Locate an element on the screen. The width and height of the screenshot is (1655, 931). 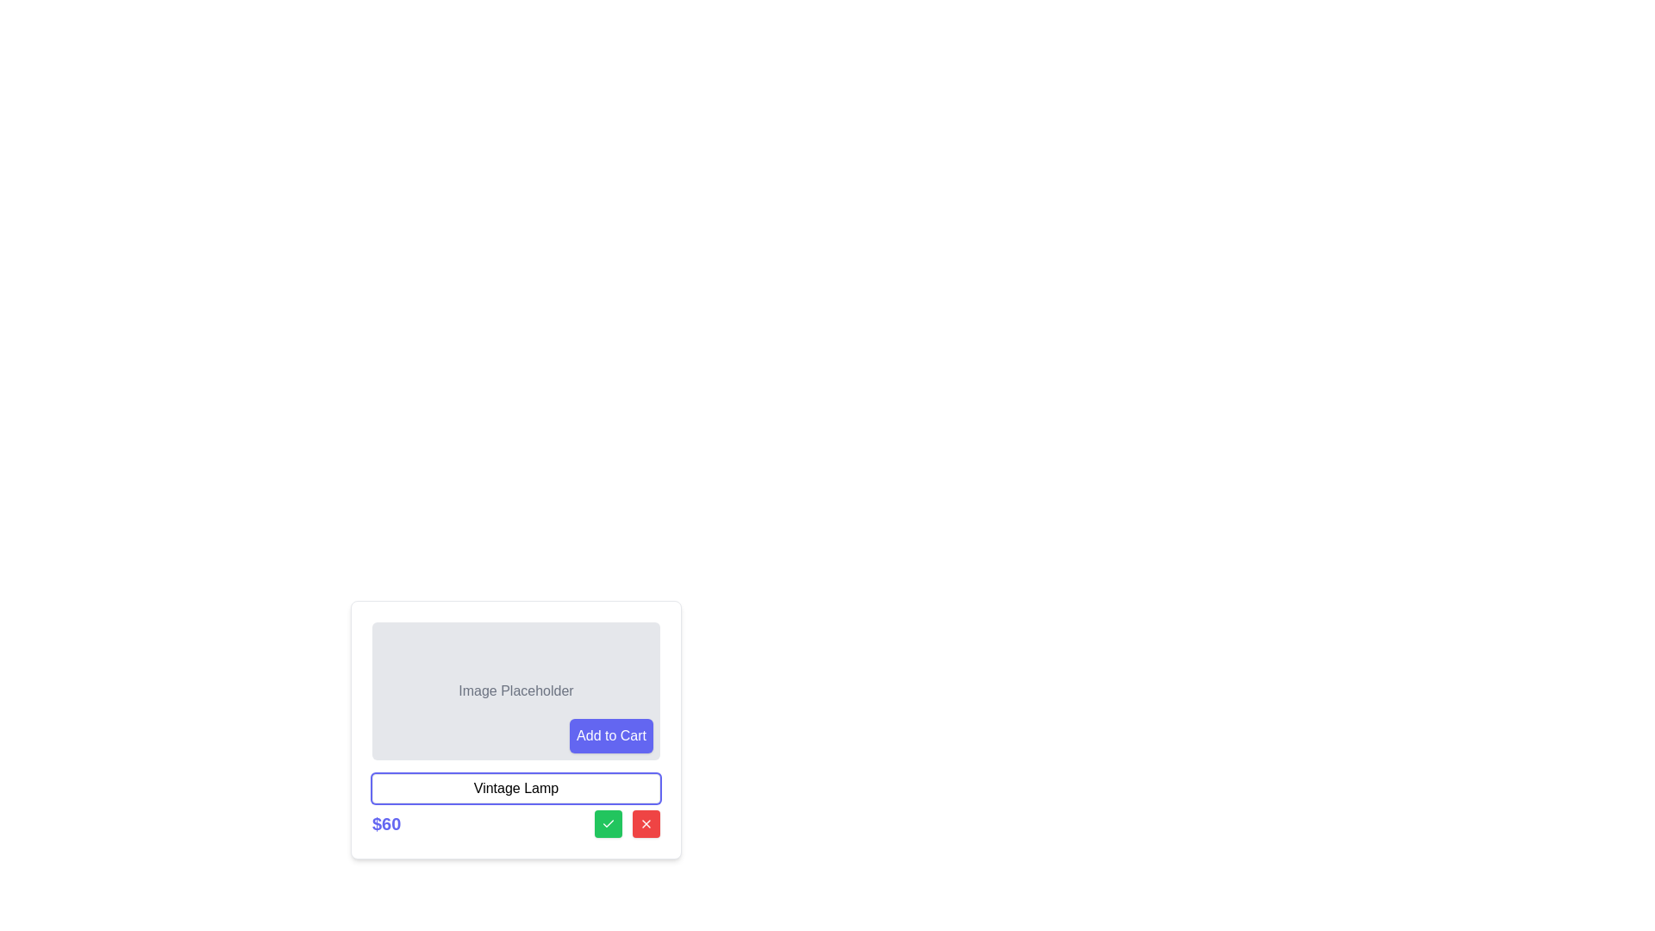
the confirmation SVG graphic inside the green circular button located at the bottom right of the product card is located at coordinates (608, 823).